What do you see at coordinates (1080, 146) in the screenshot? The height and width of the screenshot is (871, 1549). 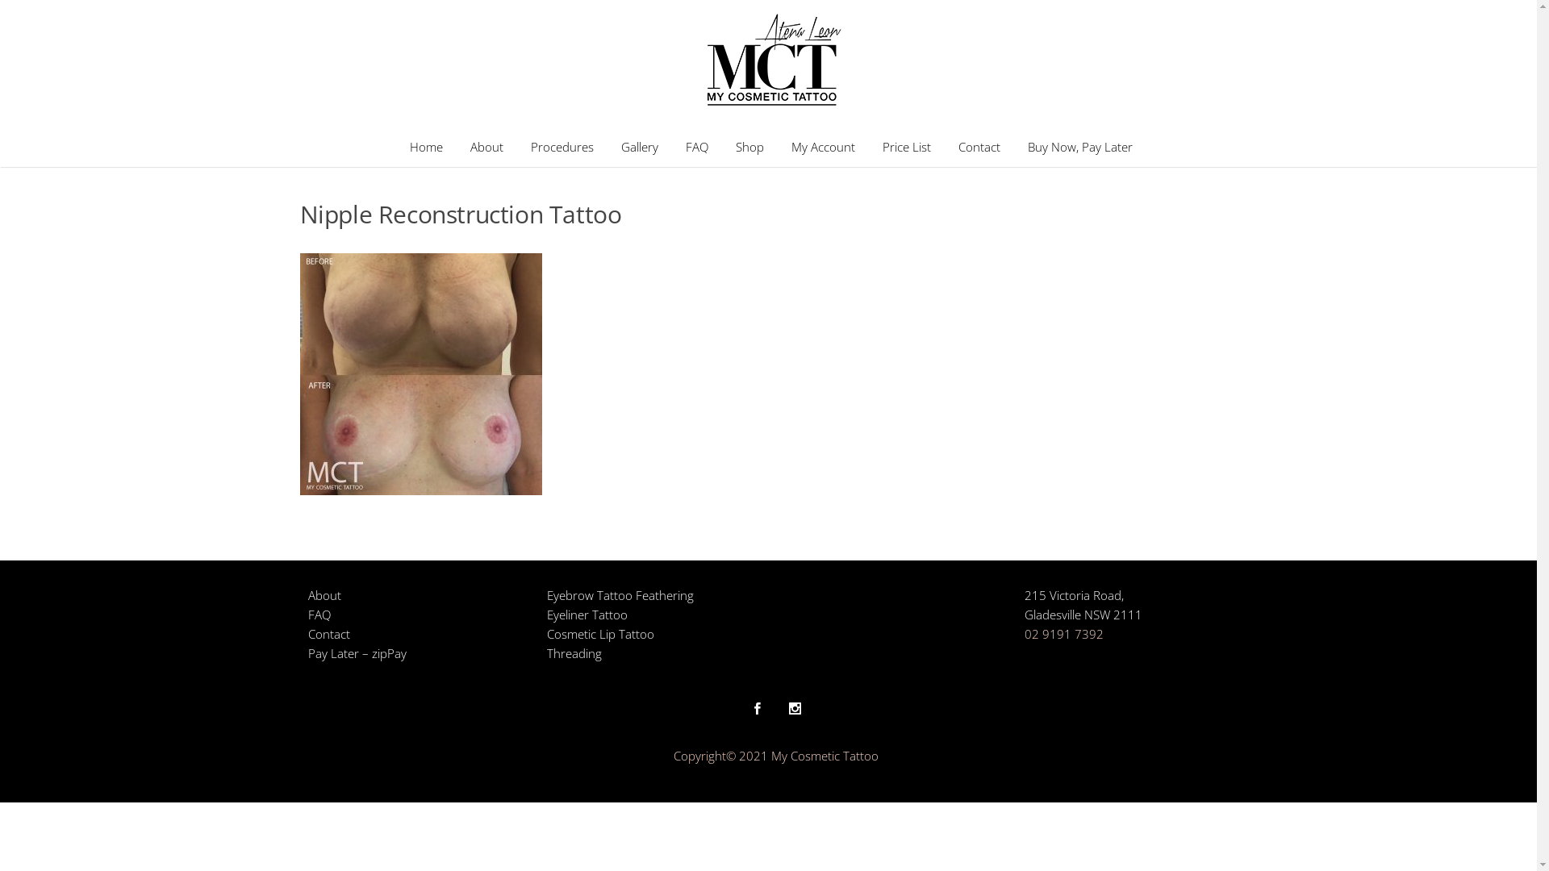 I see `'Buy Now, Pay Later'` at bounding box center [1080, 146].